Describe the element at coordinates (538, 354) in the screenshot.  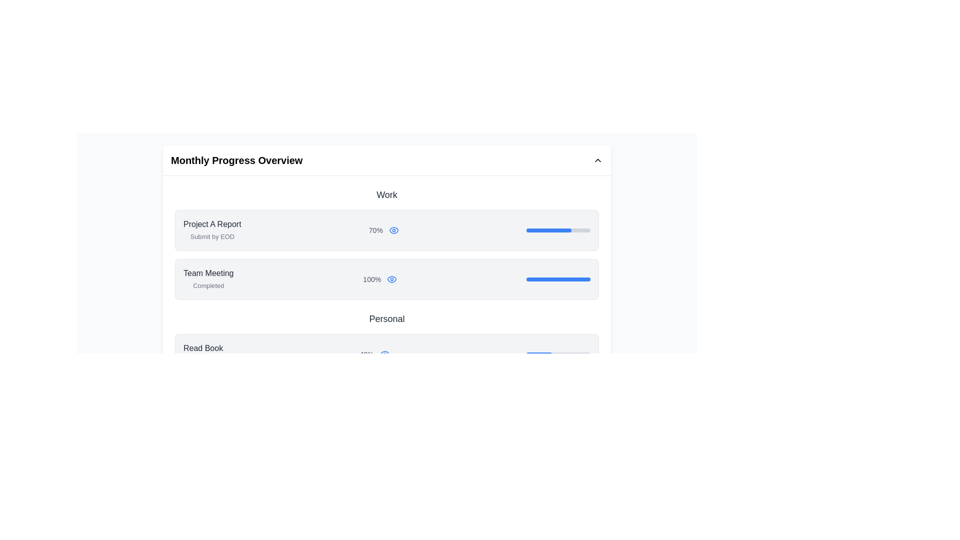
I see `the visual progress of the 'Read Book' item in the Personal category's progress bar located near the bottom of the interface` at that location.